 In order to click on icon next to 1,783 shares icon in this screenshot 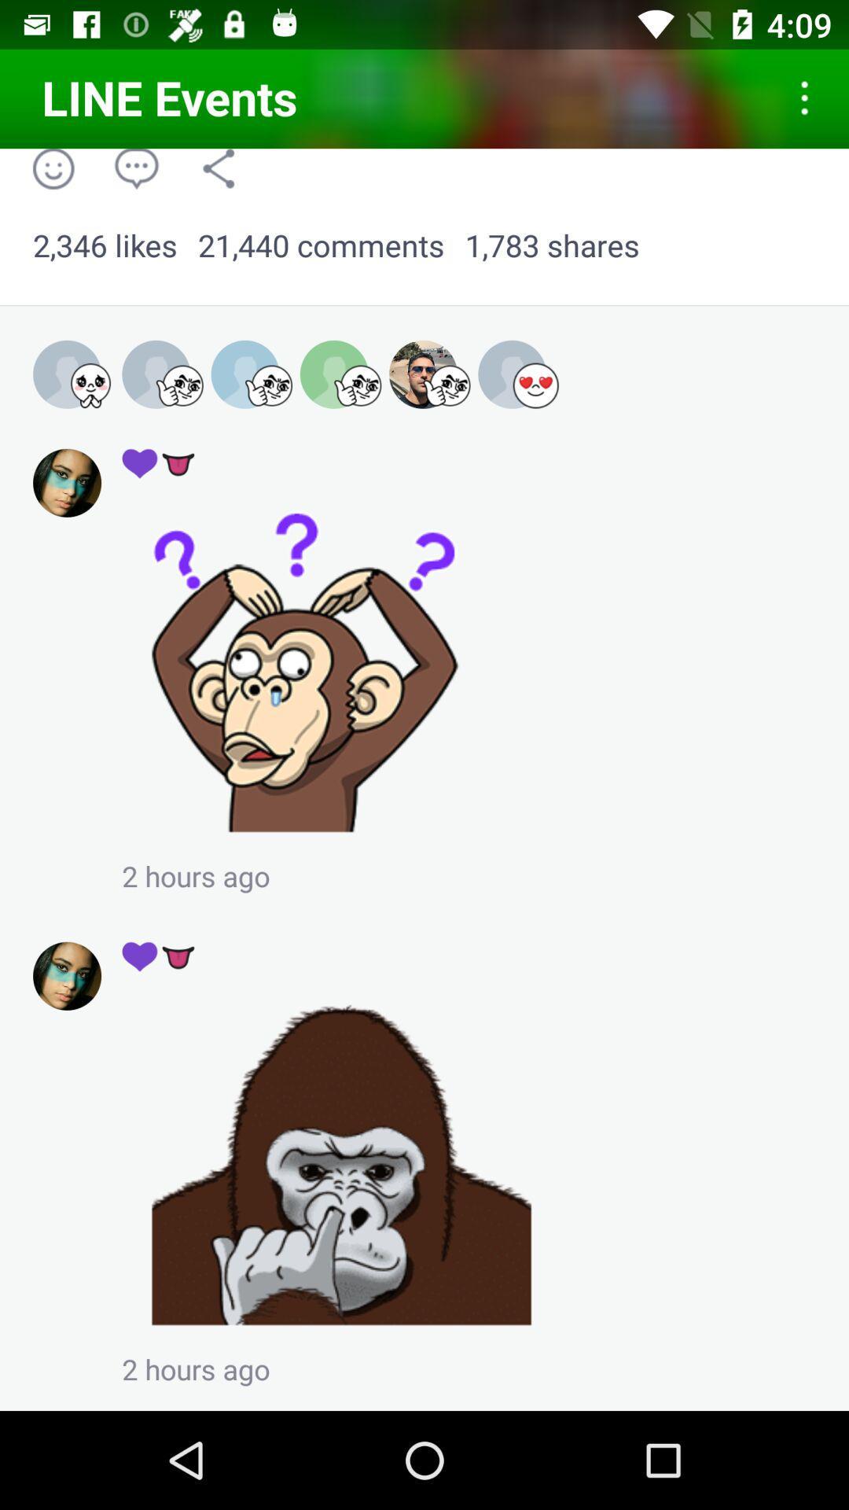, I will do `click(320, 245)`.